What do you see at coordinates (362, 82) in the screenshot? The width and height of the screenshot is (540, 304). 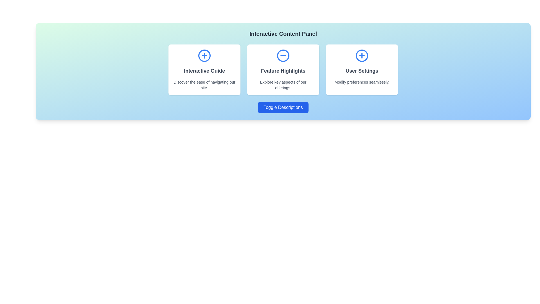 I see `the static text label displaying 'Modify preferences seamlessly.' located in the bottom section of the 'User Settings' card` at bounding box center [362, 82].